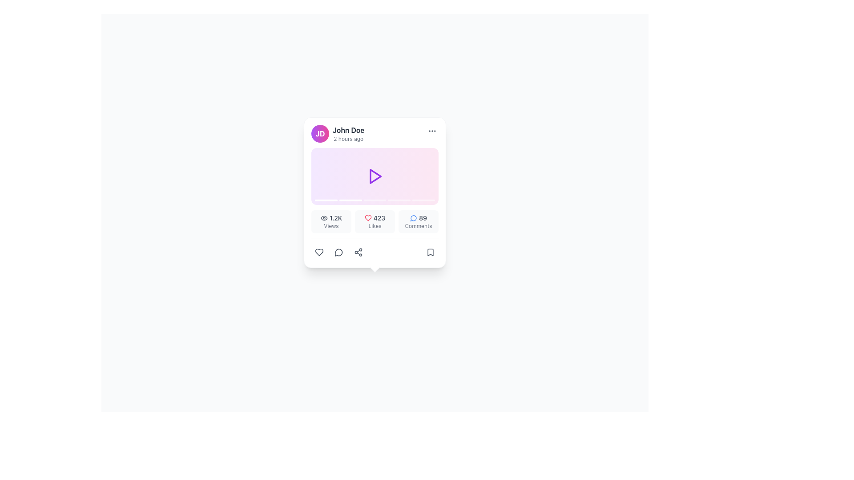 This screenshot has width=854, height=480. I want to click on the Text Label displaying the user's name in the upper-left corner of the card, so click(348, 130).